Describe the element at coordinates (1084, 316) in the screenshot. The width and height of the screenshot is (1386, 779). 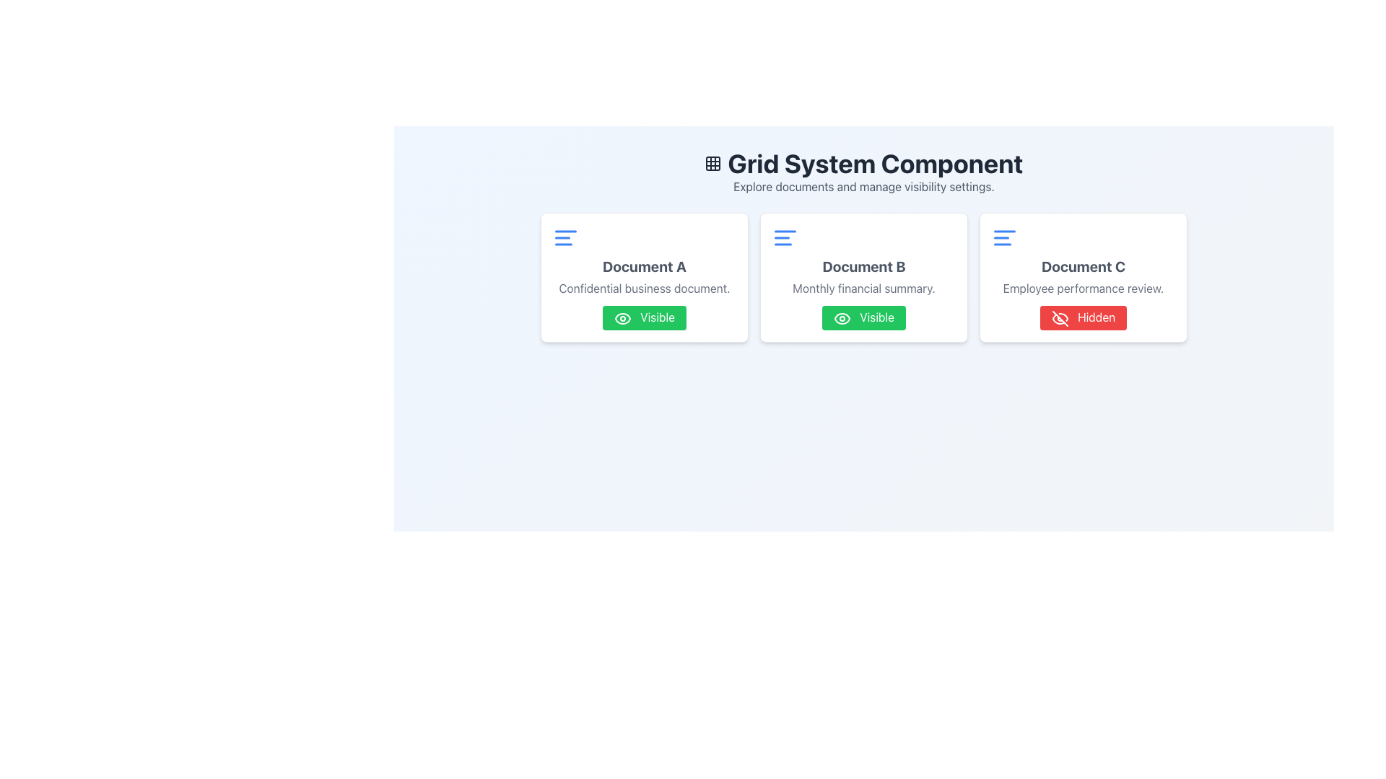
I see `the rectangular button with rounded edges and a vivid red background labeled 'Hidden'` at that location.